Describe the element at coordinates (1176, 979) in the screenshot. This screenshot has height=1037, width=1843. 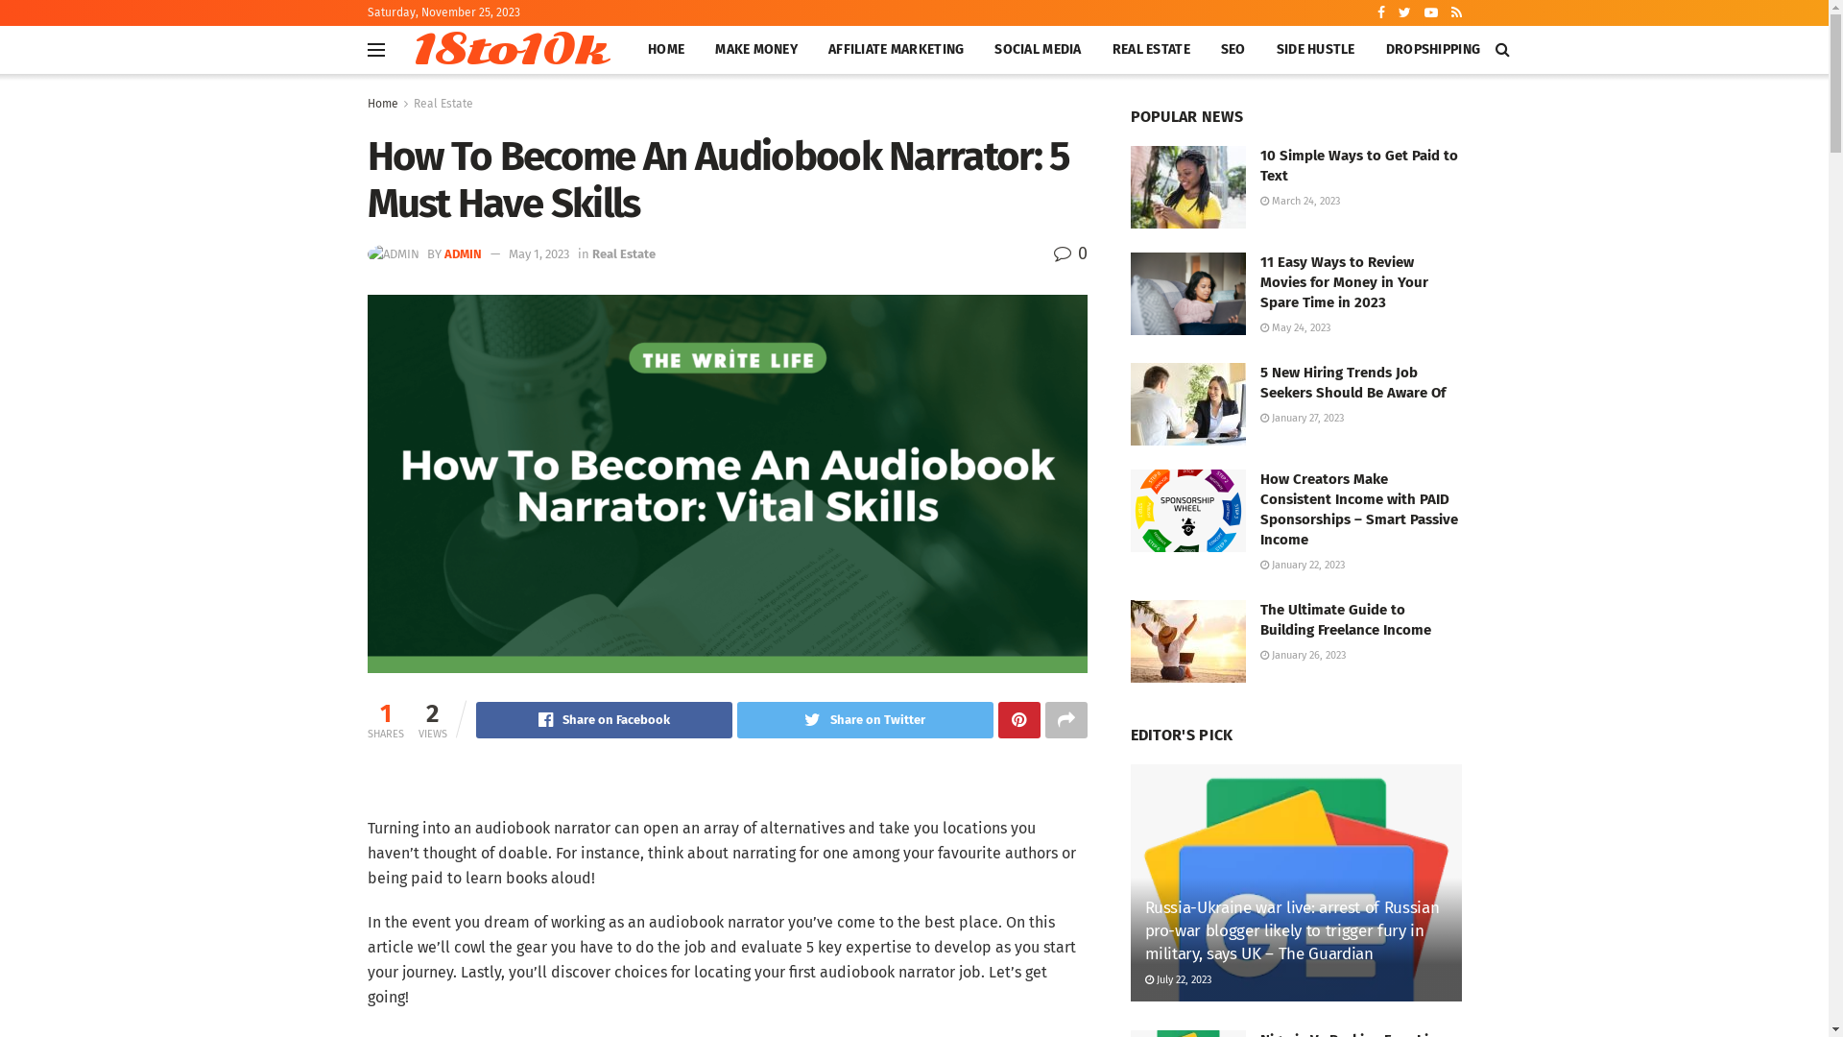
I see `'July 22, 2023'` at that location.